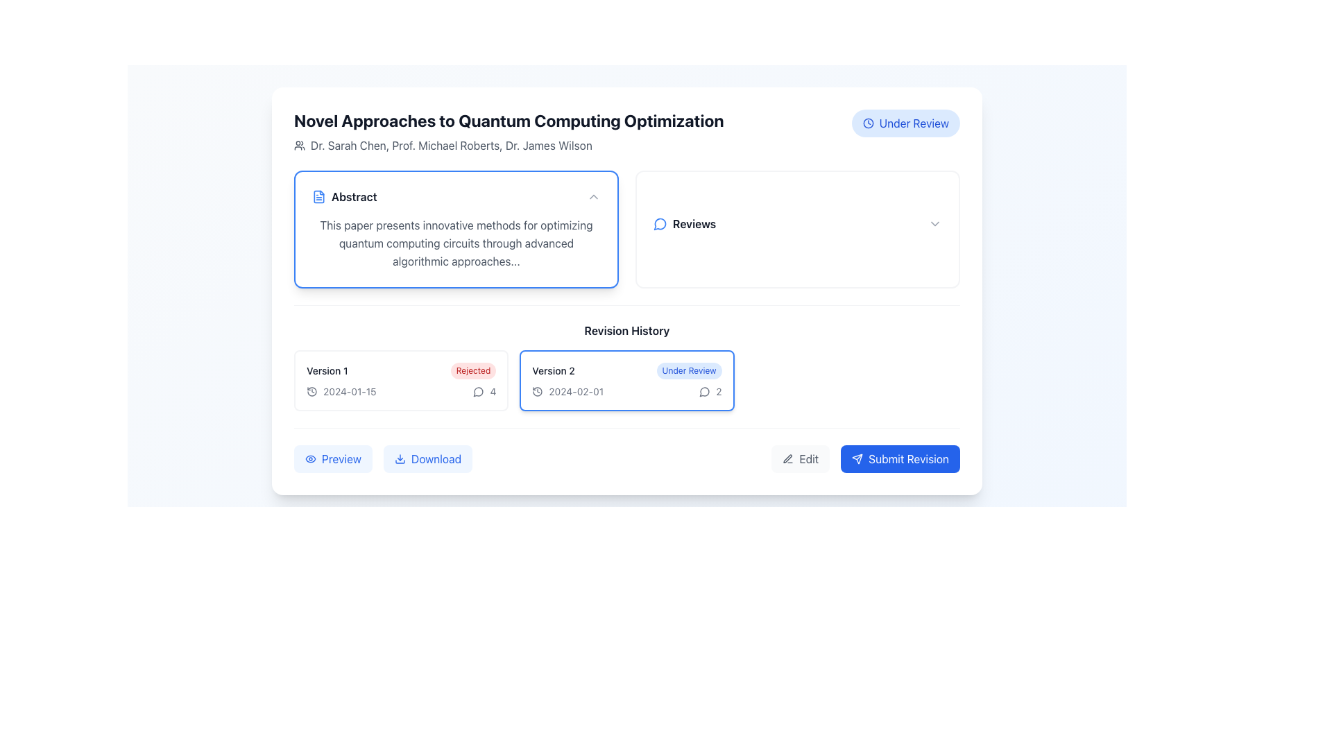 Image resolution: width=1332 pixels, height=749 pixels. What do you see at coordinates (479, 391) in the screenshot?
I see `the comments/reviews icon located on the right side of the 'Reviews' content section` at bounding box center [479, 391].